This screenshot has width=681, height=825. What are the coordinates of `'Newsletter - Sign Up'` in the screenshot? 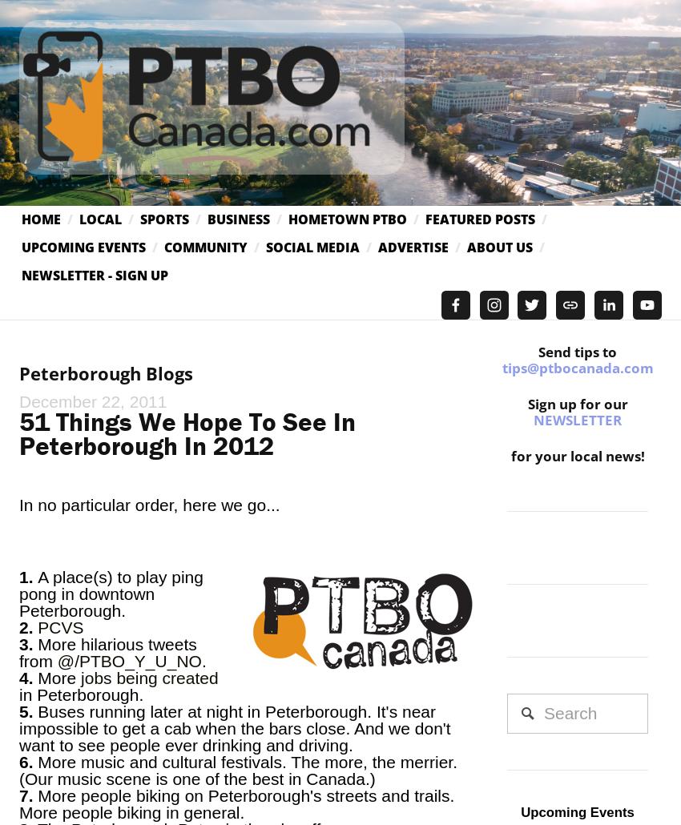 It's located at (94, 276).